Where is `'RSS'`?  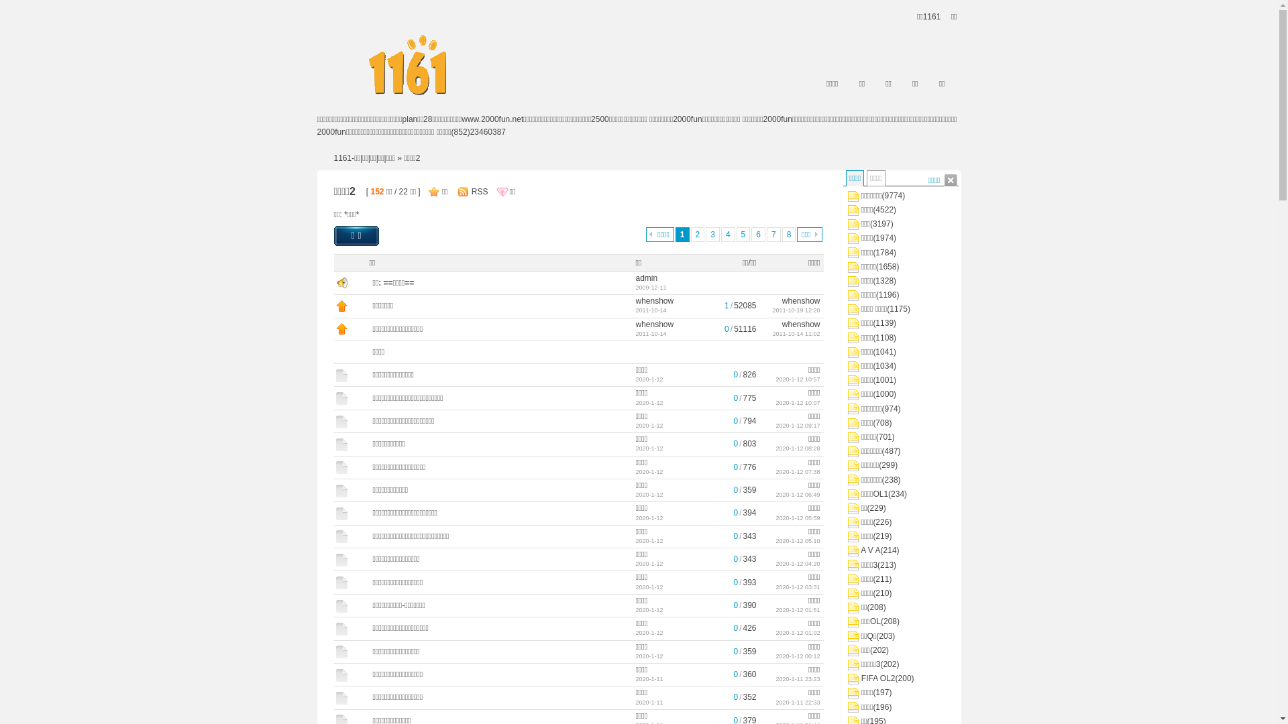
'RSS' is located at coordinates (477, 191).